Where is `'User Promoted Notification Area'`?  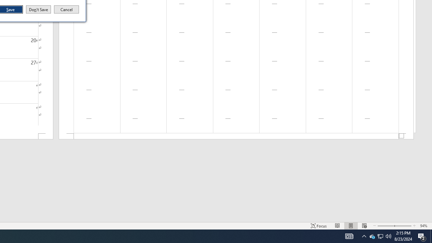 'User Promoted Notification Area' is located at coordinates (385, 226).